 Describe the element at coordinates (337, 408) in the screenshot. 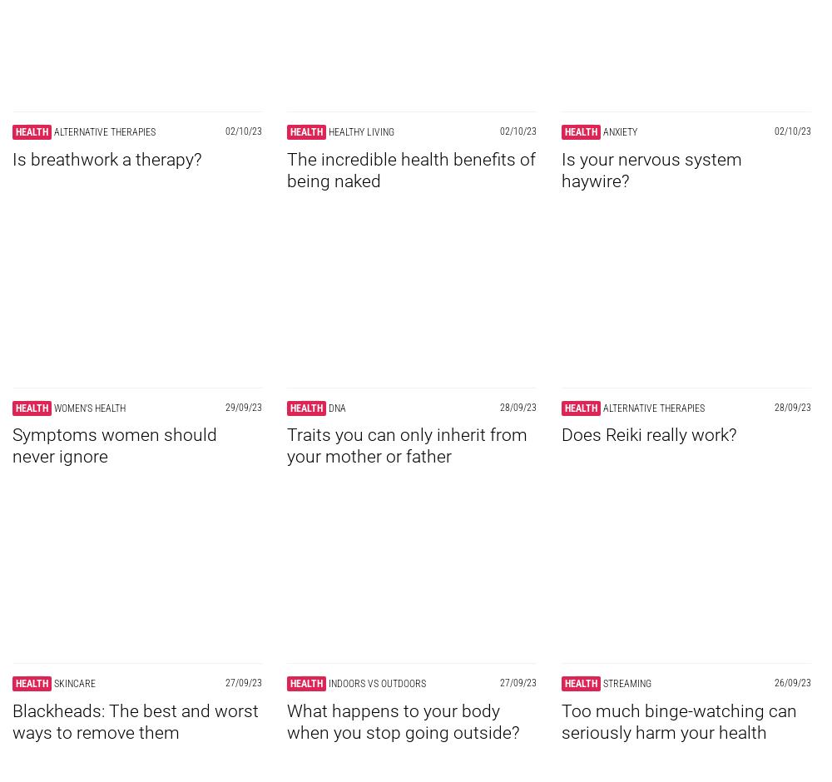

I see `'Dna'` at that location.